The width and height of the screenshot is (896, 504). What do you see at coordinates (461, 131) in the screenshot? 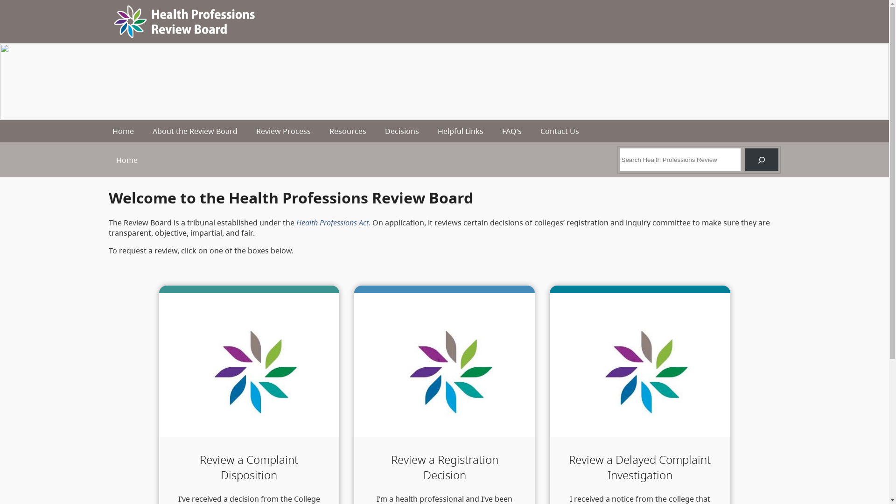
I see `'Helpful Links'` at bounding box center [461, 131].